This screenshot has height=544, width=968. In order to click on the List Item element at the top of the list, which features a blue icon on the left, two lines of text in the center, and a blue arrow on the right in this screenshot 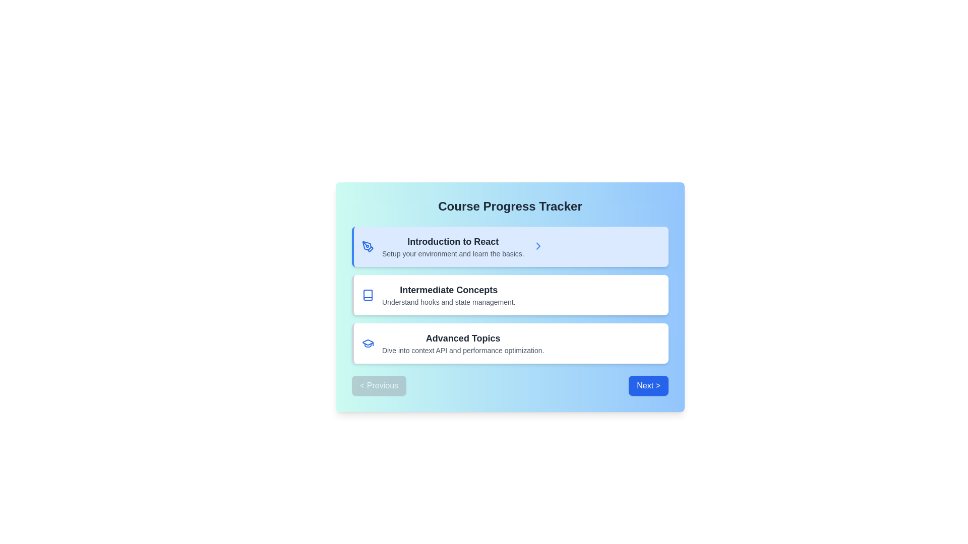, I will do `click(511, 246)`.